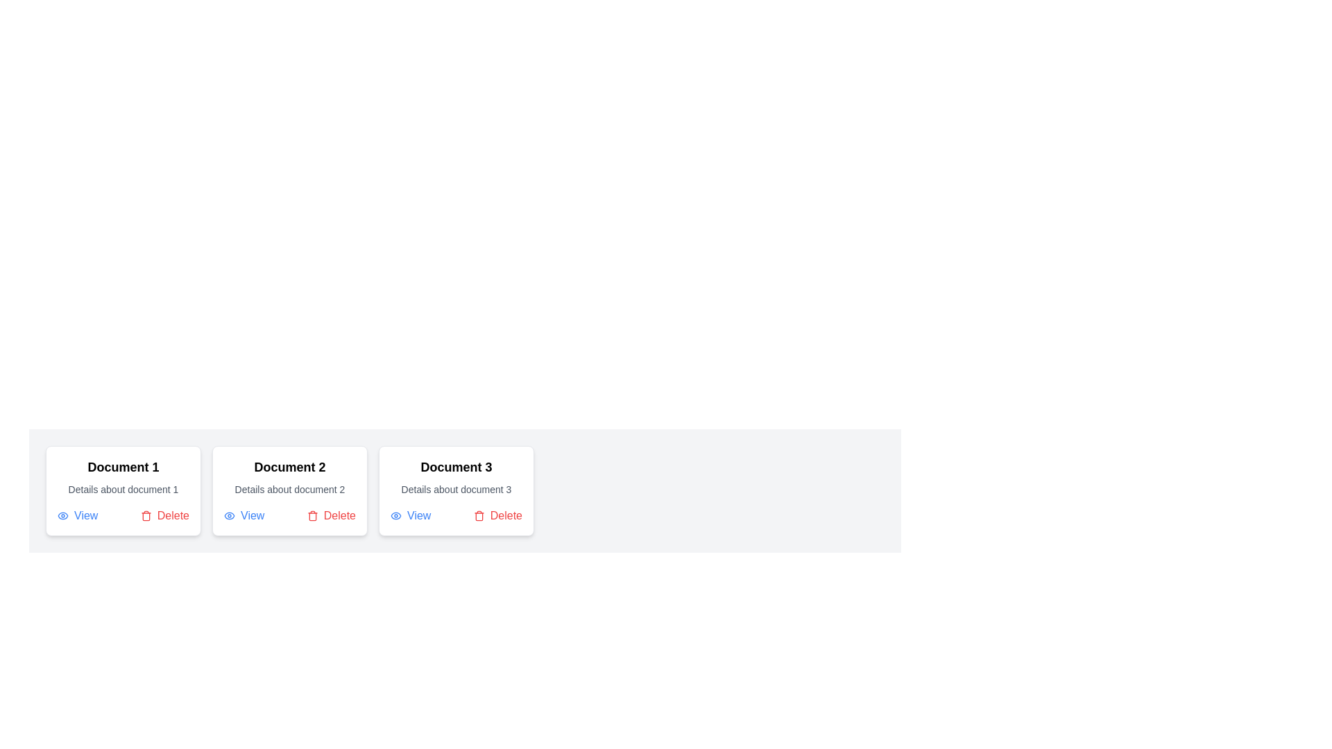 The height and width of the screenshot is (749, 1332). I want to click on the outer region of the eye-shaped icon within the 'Document 3' card to indicate a 'view' or 'preview' action, so click(395, 516).